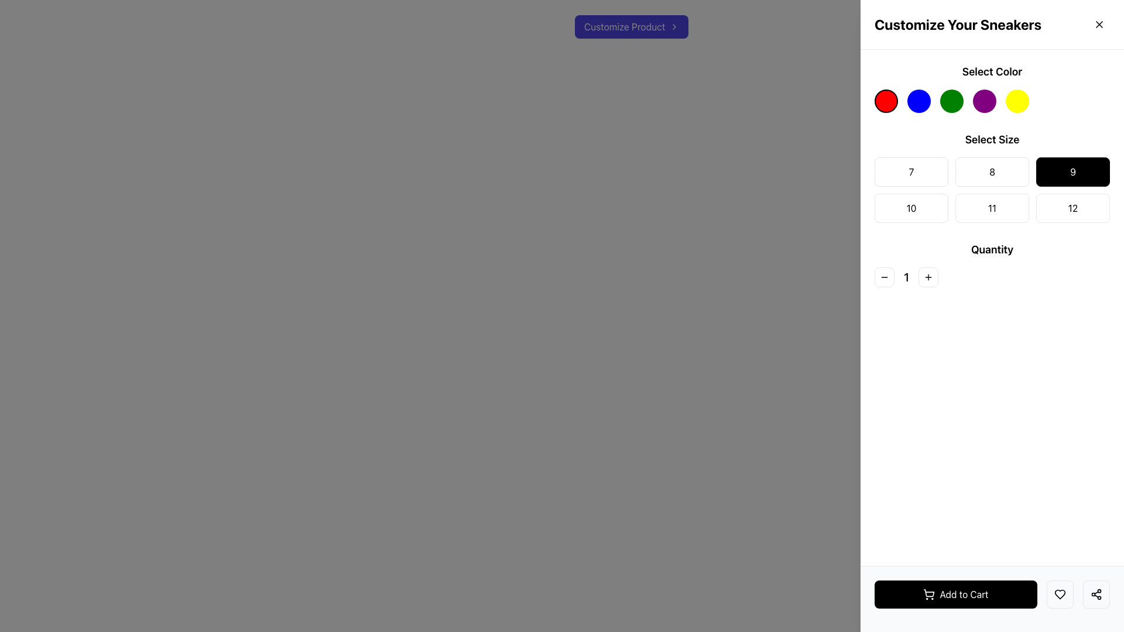 The width and height of the screenshot is (1124, 632). What do you see at coordinates (910, 171) in the screenshot?
I see `the button labeled '7' at the top left of the grid` at bounding box center [910, 171].